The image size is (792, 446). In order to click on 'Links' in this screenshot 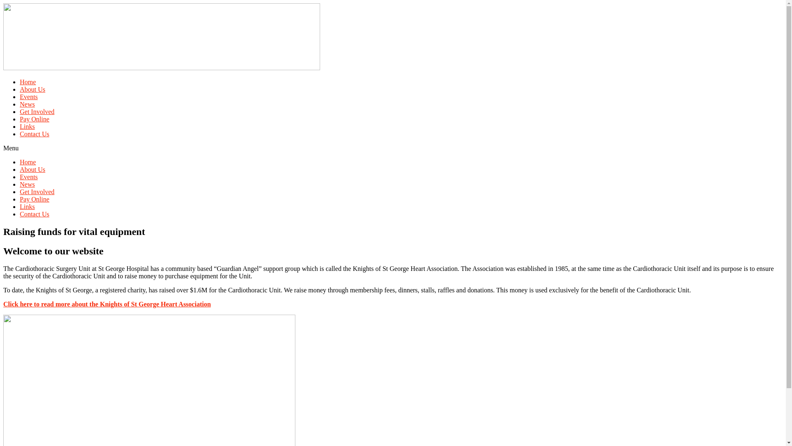, I will do `click(27, 126)`.